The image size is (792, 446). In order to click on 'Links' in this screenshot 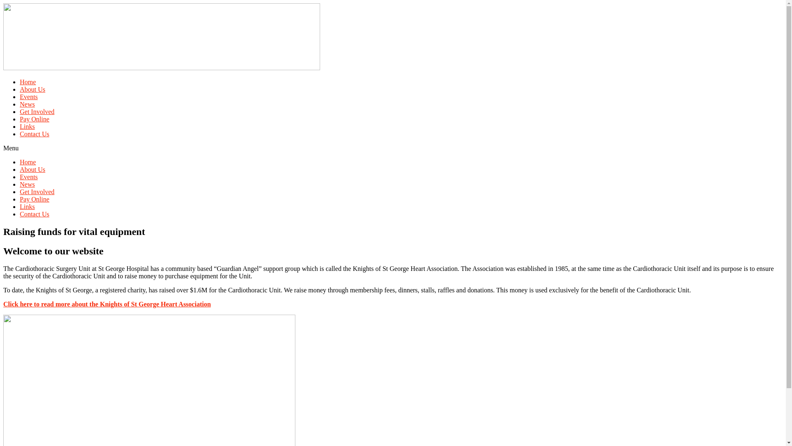, I will do `click(27, 126)`.